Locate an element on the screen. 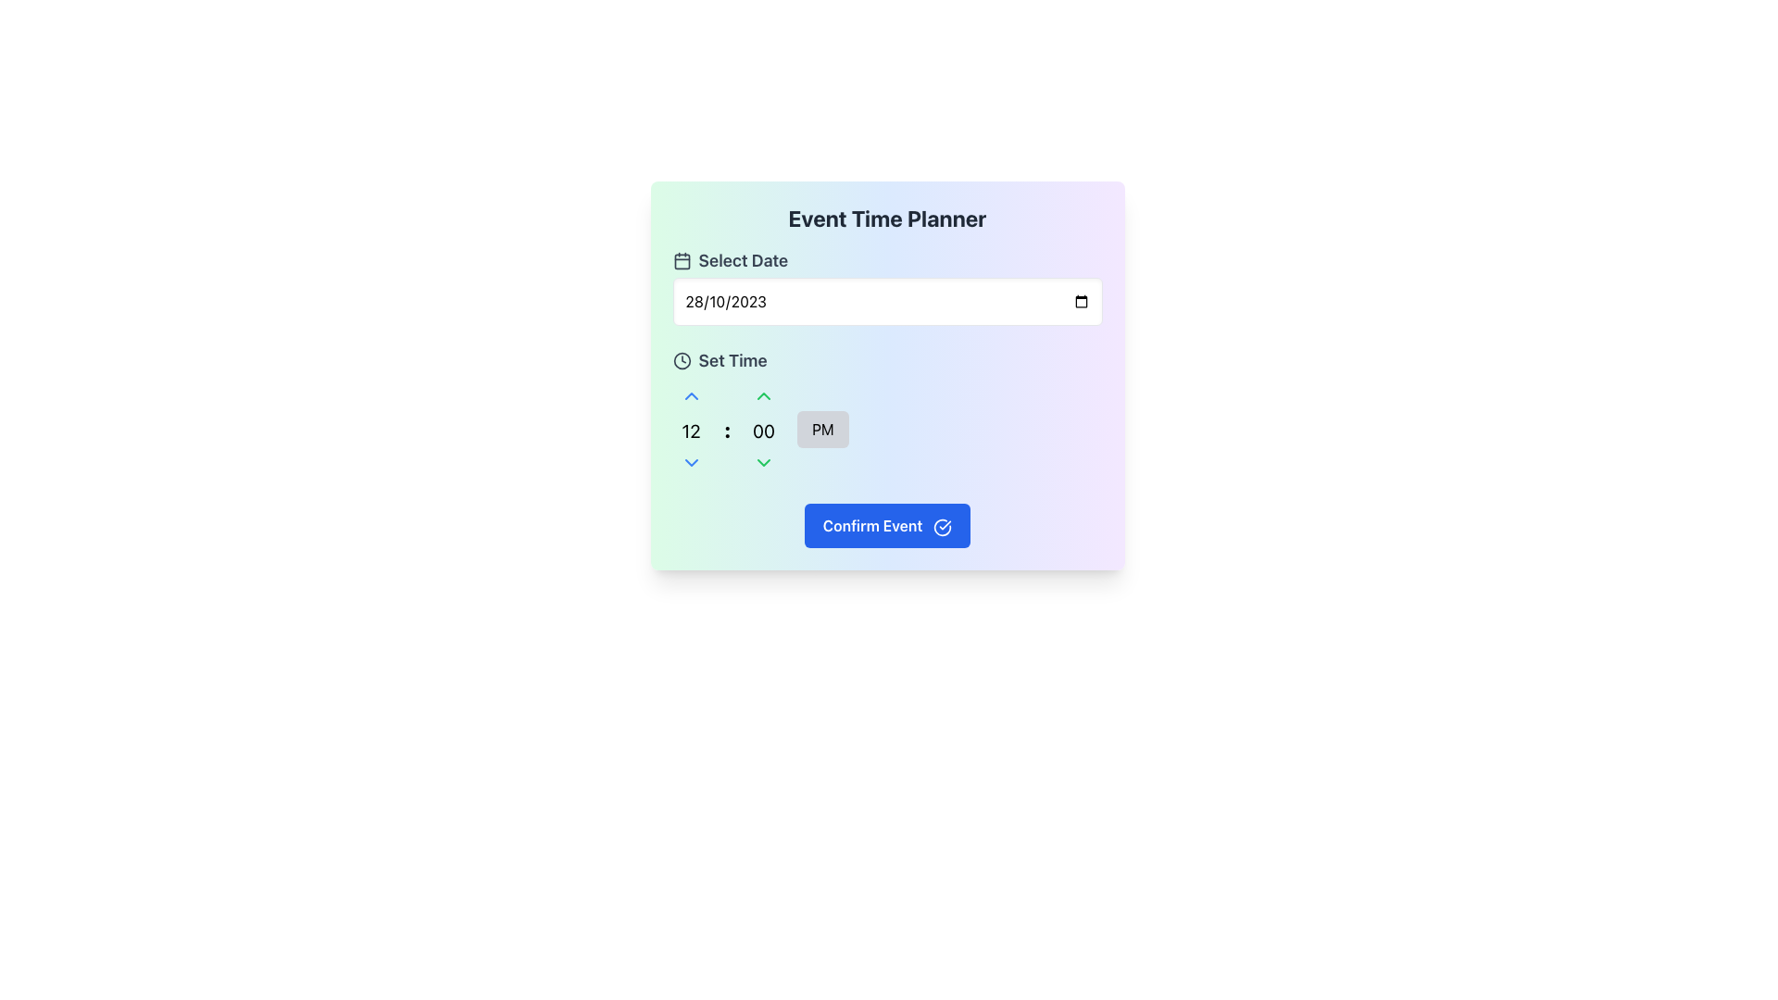 This screenshot has height=1000, width=1778. the circular checkmark icon within the 'Confirm Event' button at the bottom of the modal is located at coordinates (943, 527).